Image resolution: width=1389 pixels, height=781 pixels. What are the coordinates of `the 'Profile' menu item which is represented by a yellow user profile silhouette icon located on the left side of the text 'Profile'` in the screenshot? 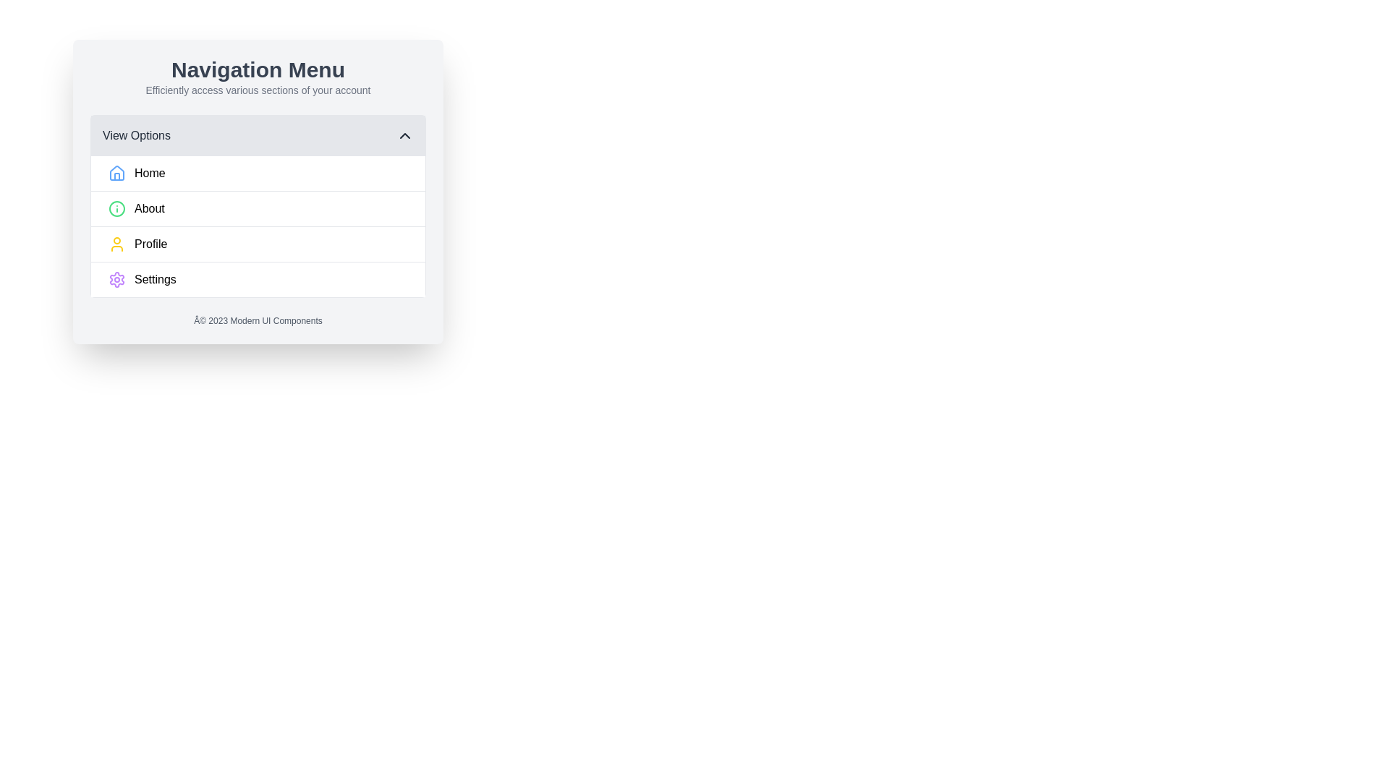 It's located at (117, 244).